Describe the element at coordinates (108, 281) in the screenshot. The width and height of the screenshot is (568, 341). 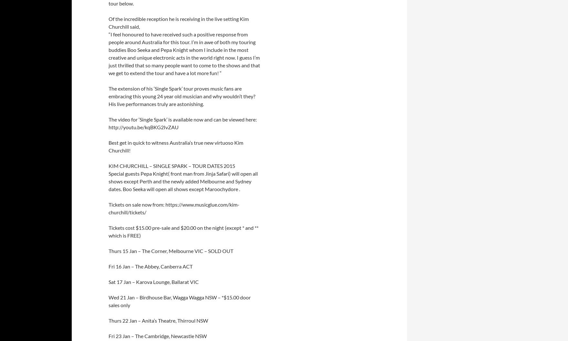
I see `'Sat 17 Jan – Karova Lounge, Ballarat VIC'` at that location.